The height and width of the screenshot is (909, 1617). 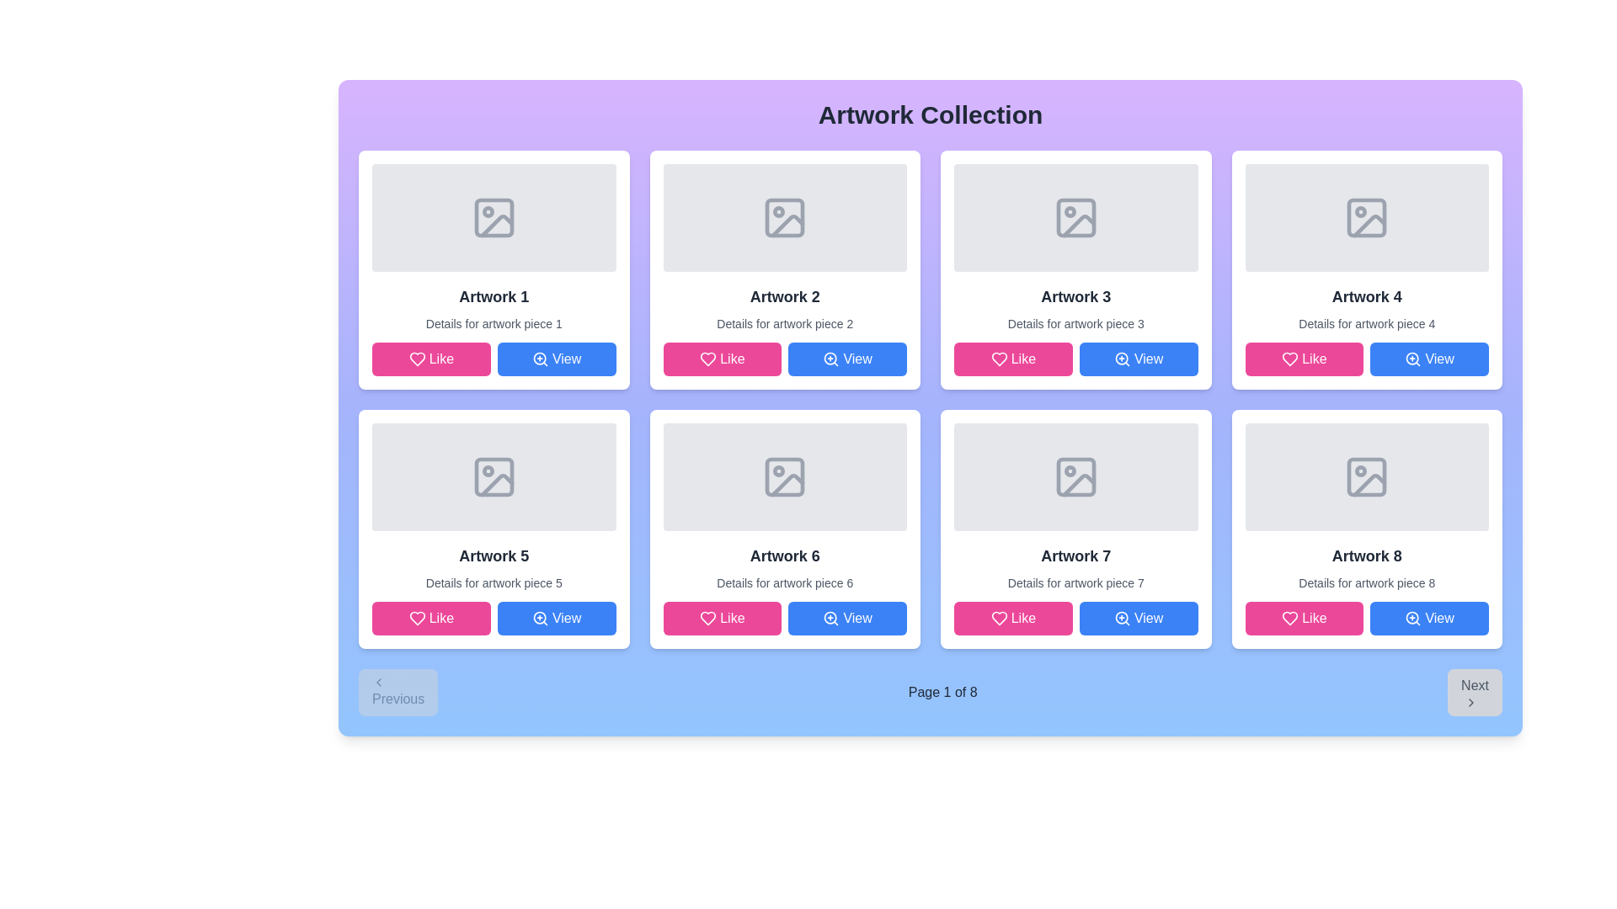 I want to click on the icon in the third card of the top row, which is a placeholder graphic representing an image area within a light gray rounded rectangle labeled 'Artwork 3', so click(x=1075, y=216).